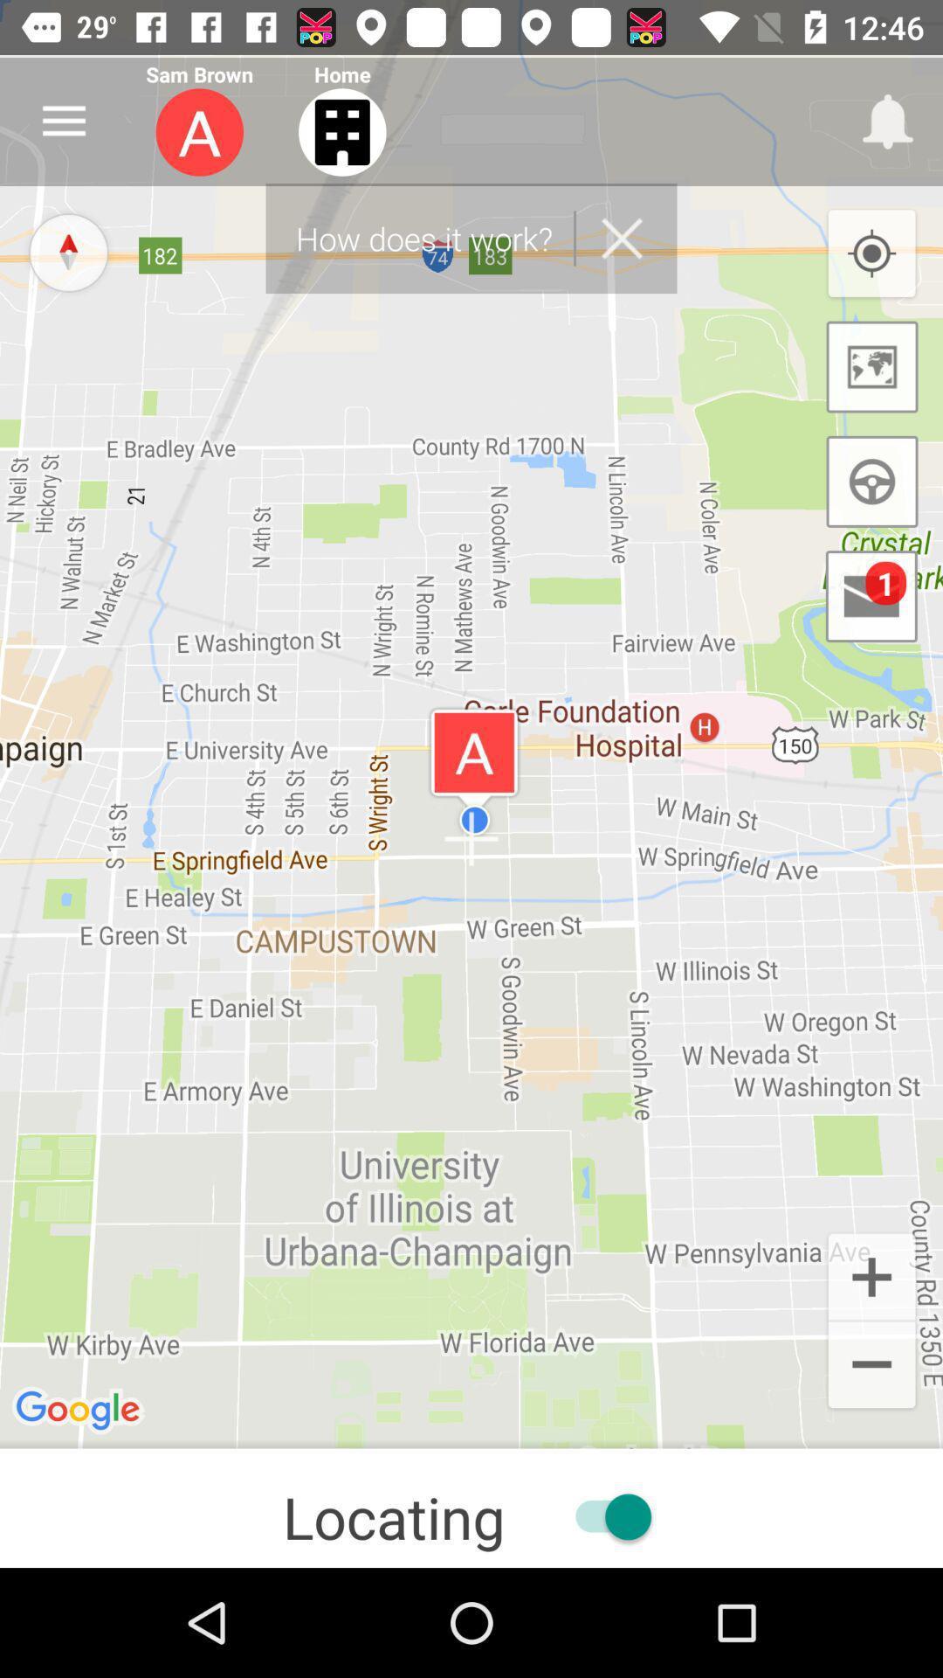 The image size is (943, 1678). Describe the element at coordinates (67, 251) in the screenshot. I see `the explore icon` at that location.